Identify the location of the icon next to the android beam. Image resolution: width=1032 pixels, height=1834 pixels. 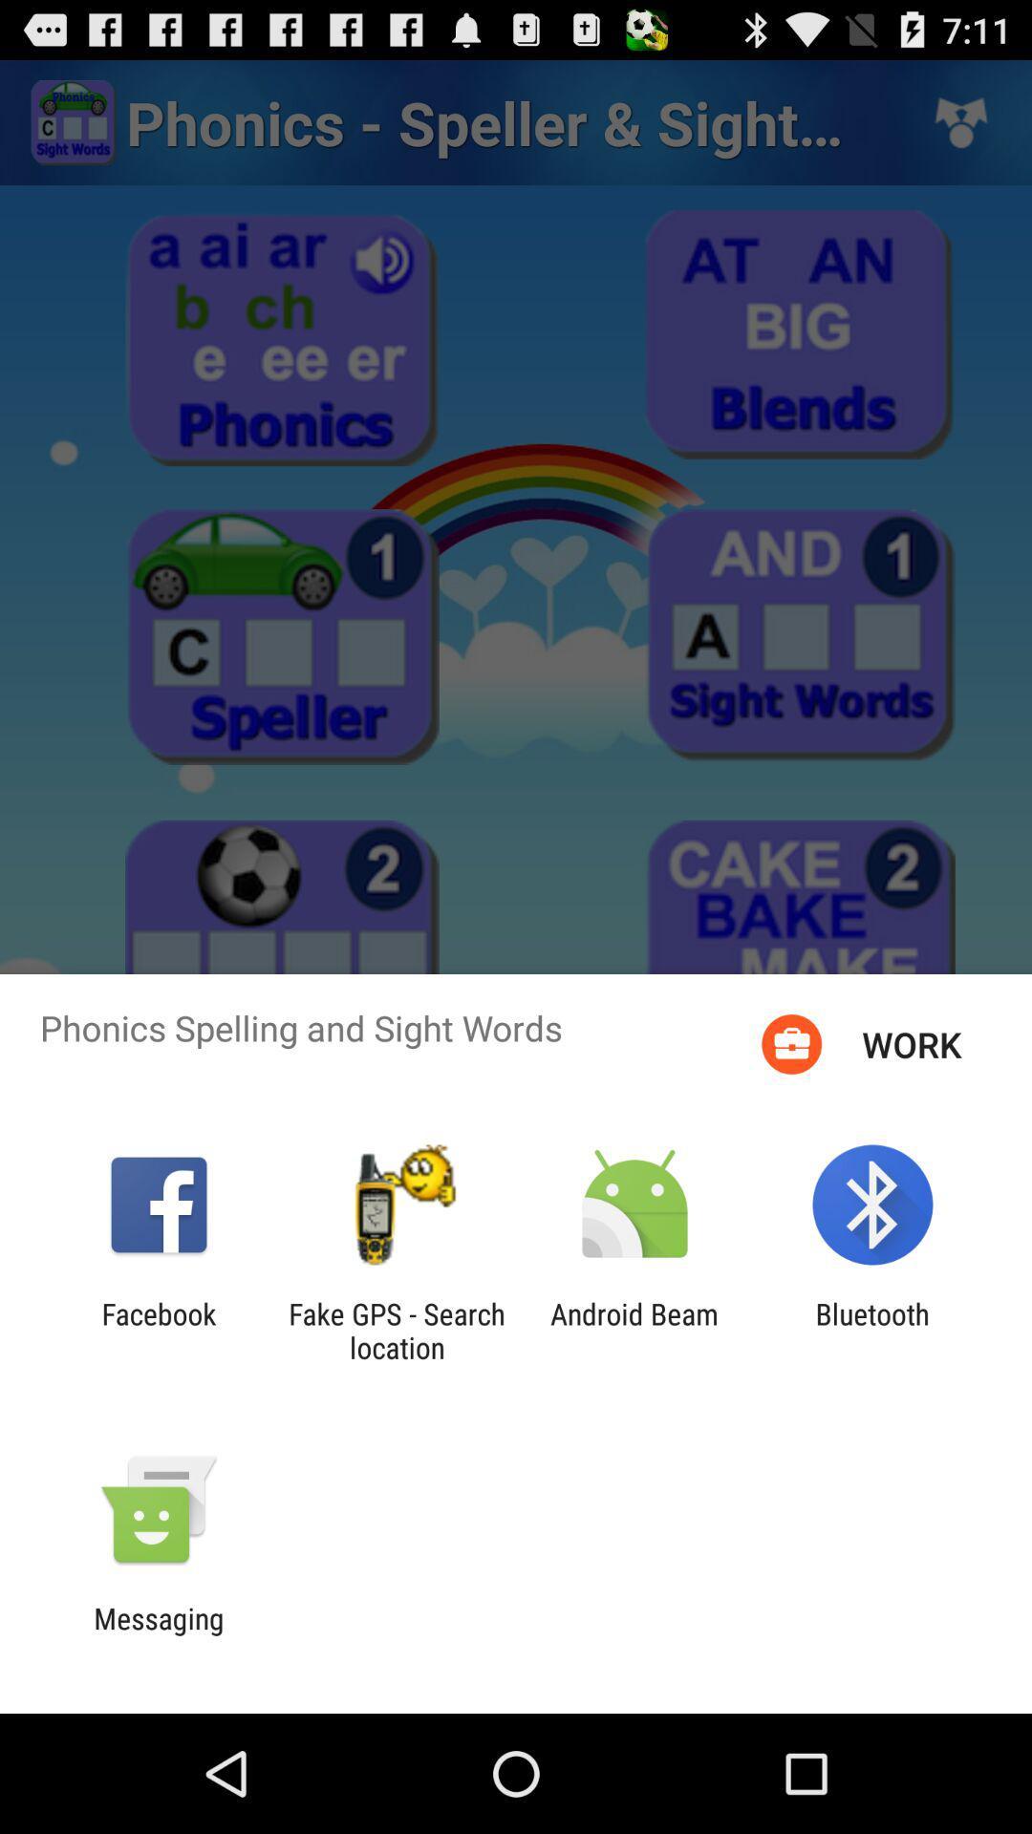
(872, 1330).